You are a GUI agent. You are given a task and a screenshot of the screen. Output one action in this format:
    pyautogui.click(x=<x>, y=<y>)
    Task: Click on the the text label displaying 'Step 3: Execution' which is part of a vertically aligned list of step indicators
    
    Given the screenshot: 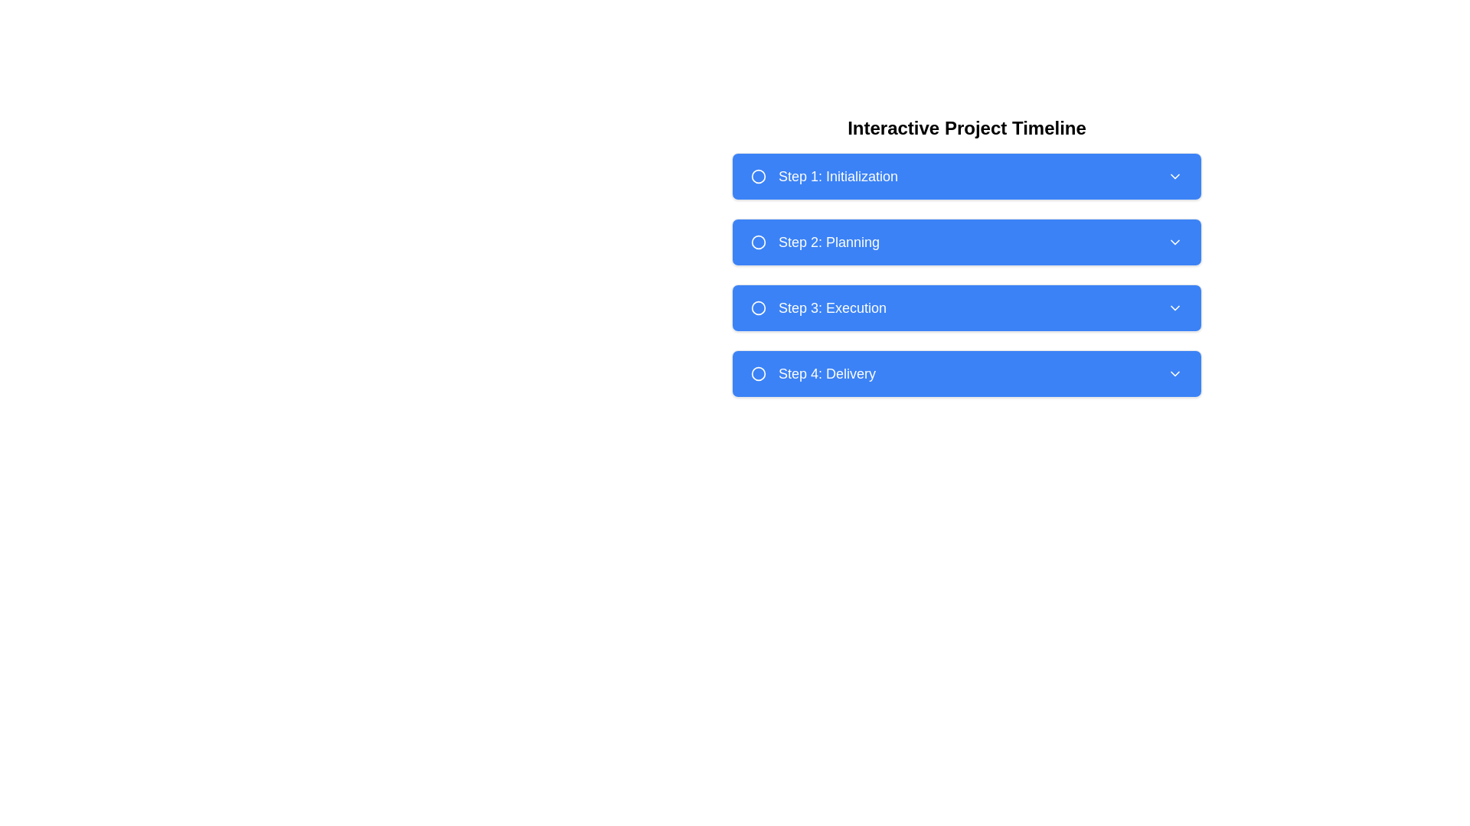 What is the action you would take?
    pyautogui.click(x=831, y=307)
    